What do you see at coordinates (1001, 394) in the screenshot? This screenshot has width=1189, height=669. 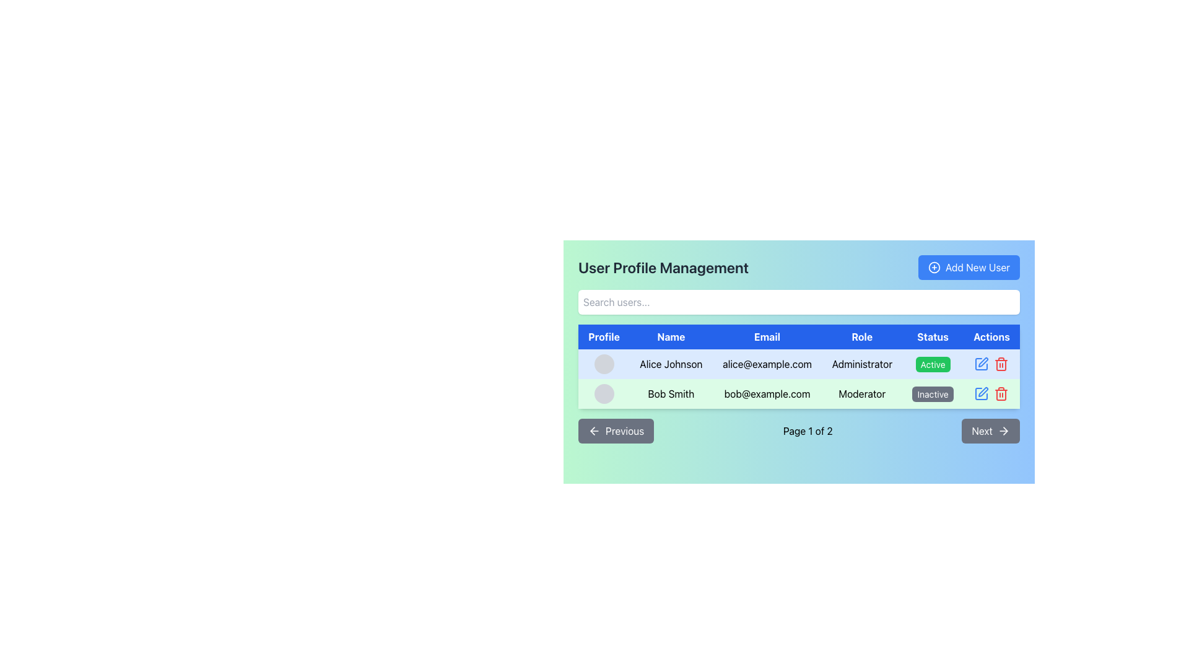 I see `the delete button for user 'Bob Smith' located in the 'Actions' column of the user management table` at bounding box center [1001, 394].